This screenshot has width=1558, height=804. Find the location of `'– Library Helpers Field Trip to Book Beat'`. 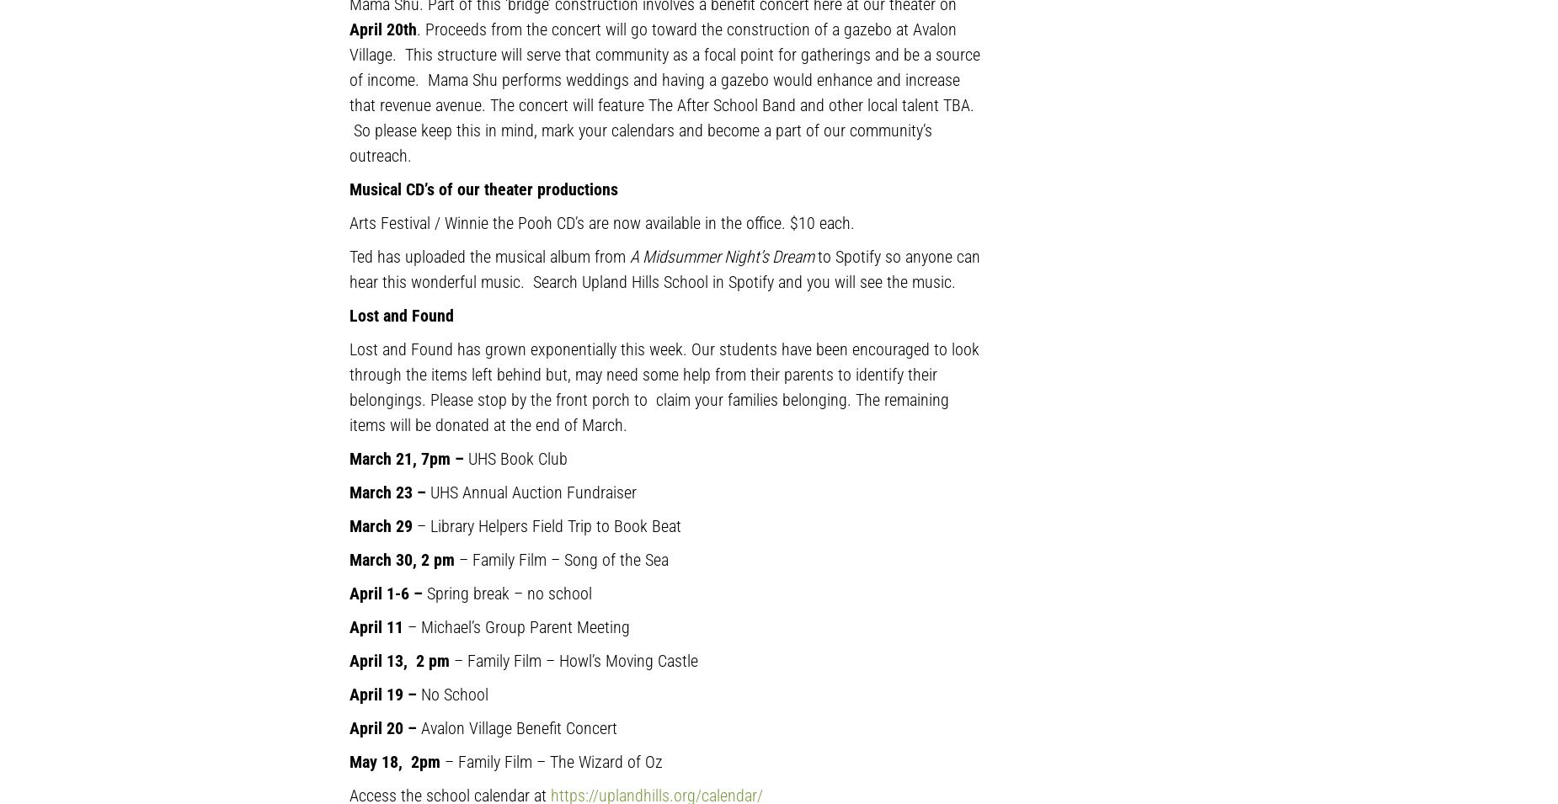

'– Library Helpers Field Trip to Book Beat' is located at coordinates (547, 524).